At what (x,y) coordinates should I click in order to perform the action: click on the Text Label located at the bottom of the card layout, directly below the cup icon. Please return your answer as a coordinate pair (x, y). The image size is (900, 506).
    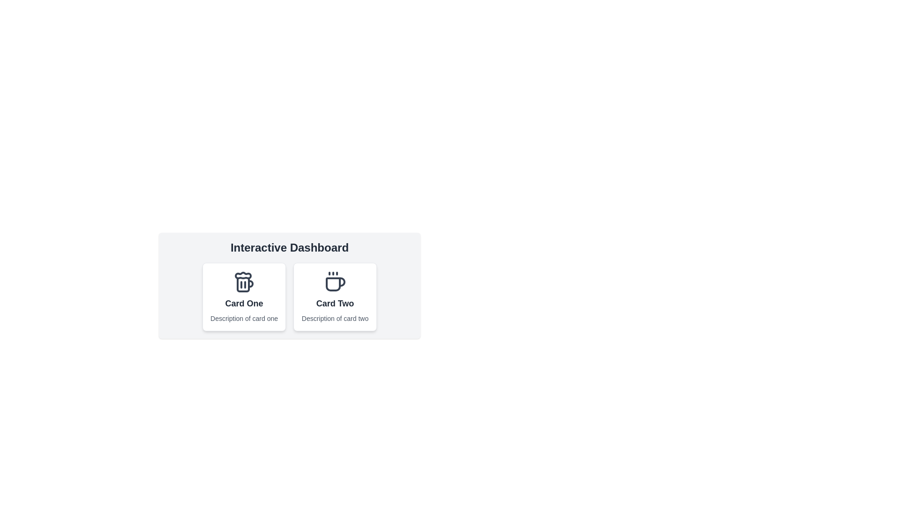
    Looking at the image, I should click on (335, 304).